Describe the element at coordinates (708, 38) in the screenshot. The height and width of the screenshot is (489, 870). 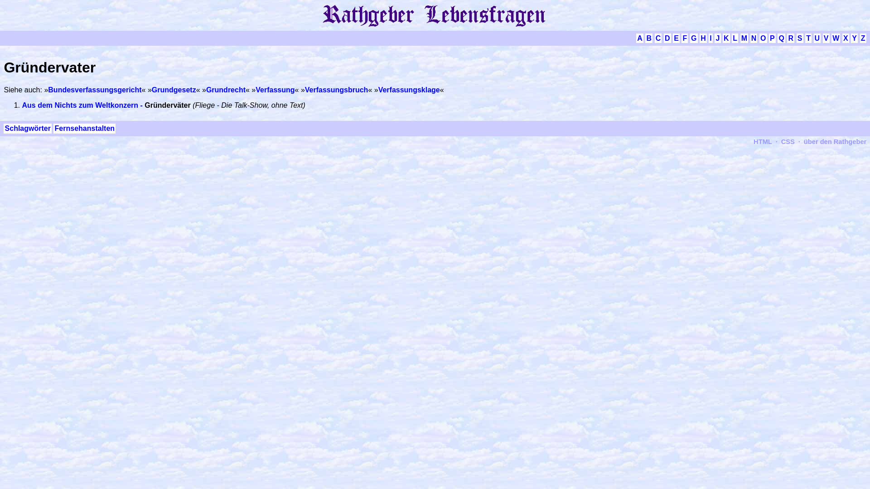
I see `'I'` at that location.